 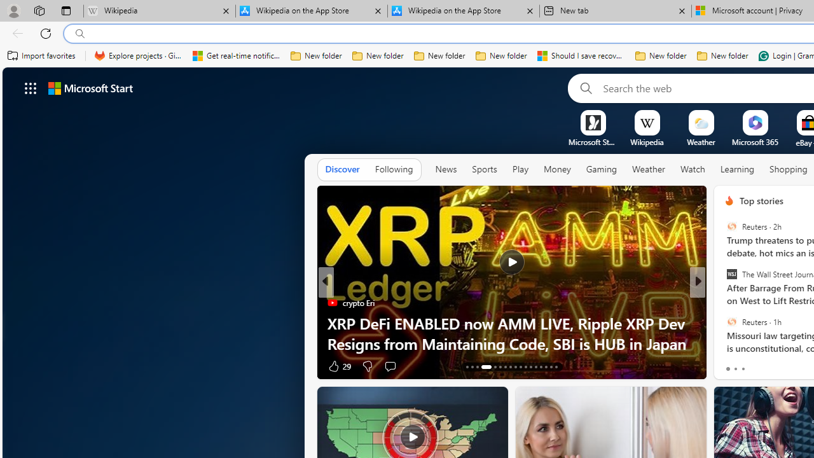 What do you see at coordinates (515, 367) in the screenshot?
I see `'AutomationID: tab-21'` at bounding box center [515, 367].